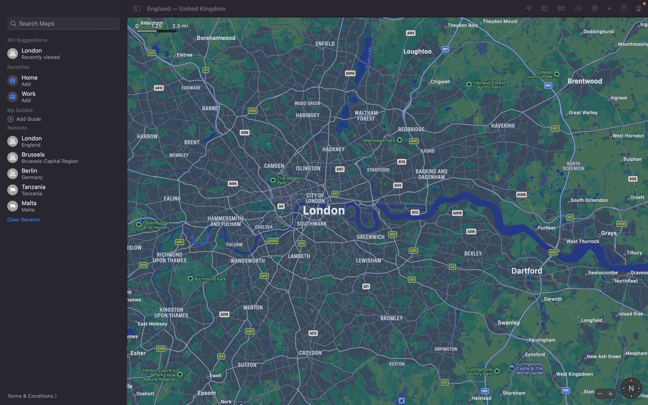 This screenshot has height=405, width=648. I want to click on Change the current view of the map to a satellite image, so click(543, 9).